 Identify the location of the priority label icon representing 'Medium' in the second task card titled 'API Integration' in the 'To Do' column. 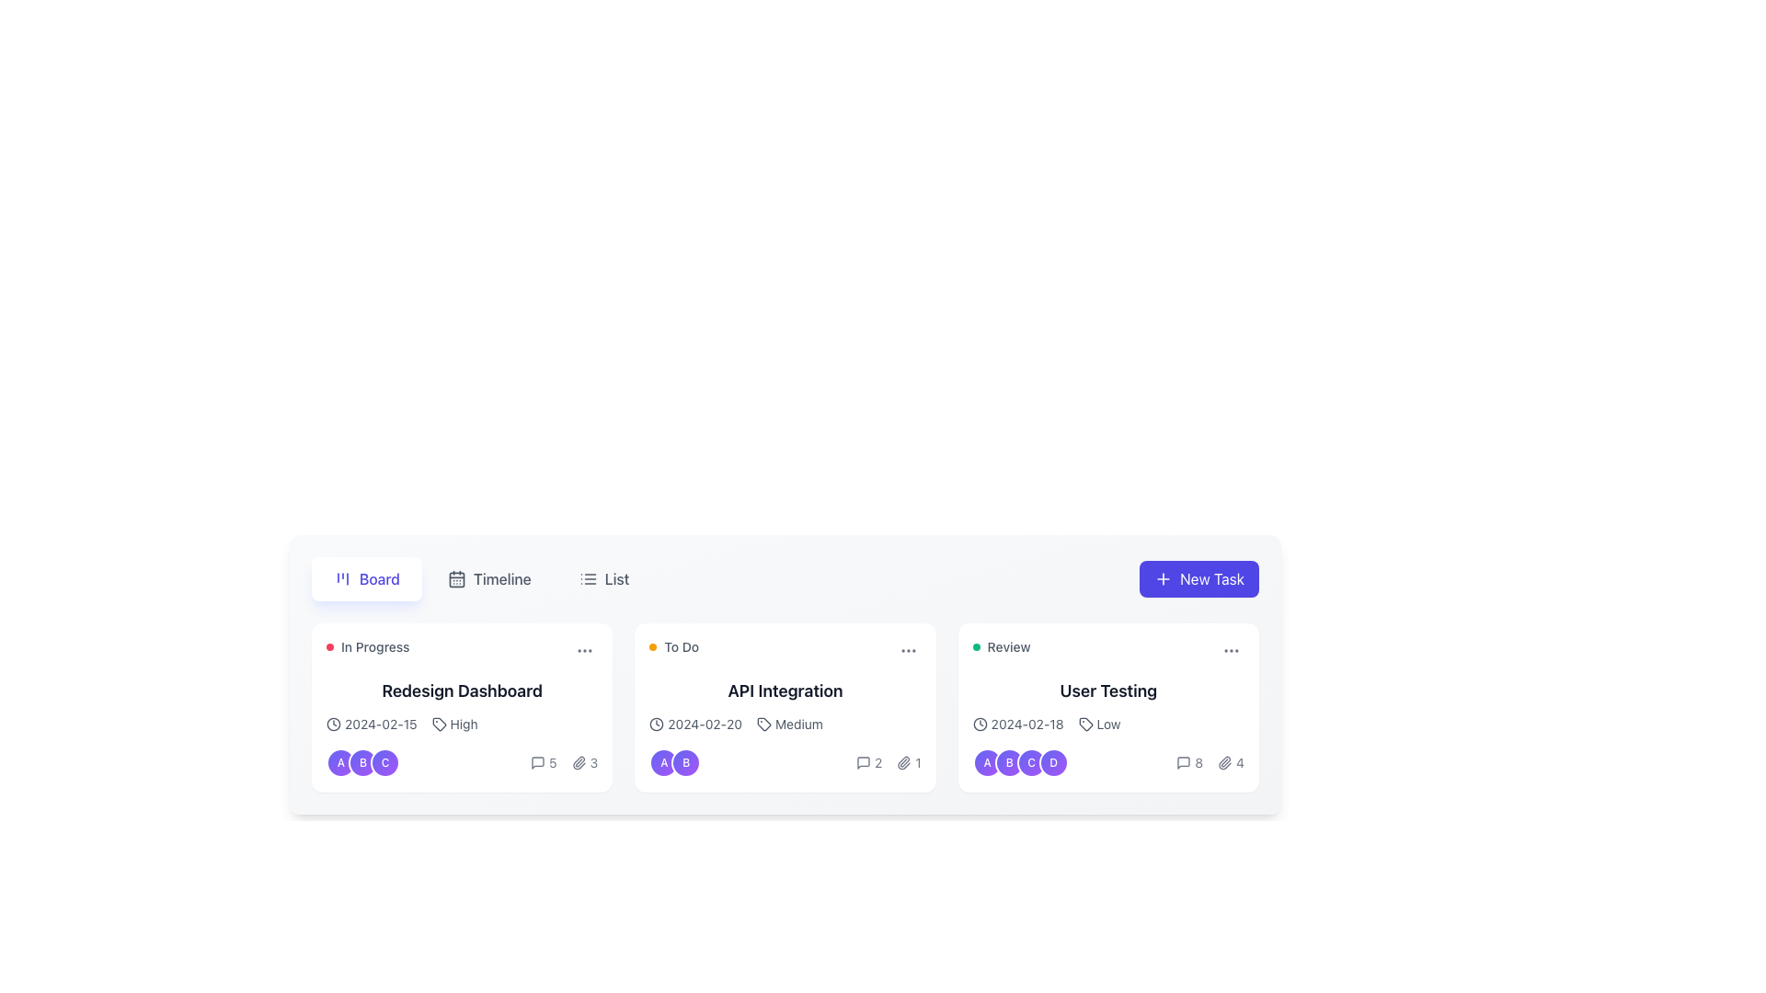
(764, 723).